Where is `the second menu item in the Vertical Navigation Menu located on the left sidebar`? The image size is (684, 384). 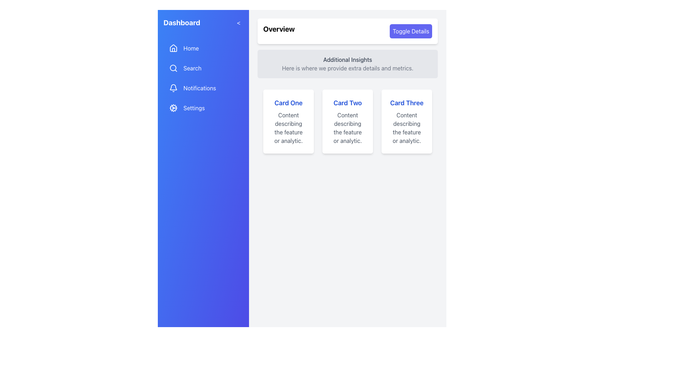
the second menu item in the Vertical Navigation Menu located on the left sidebar is located at coordinates (203, 78).